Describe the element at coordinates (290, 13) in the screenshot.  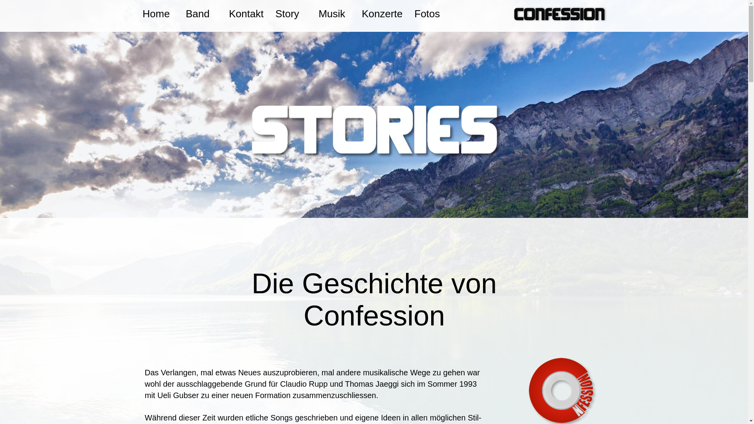
I see `'Story'` at that location.